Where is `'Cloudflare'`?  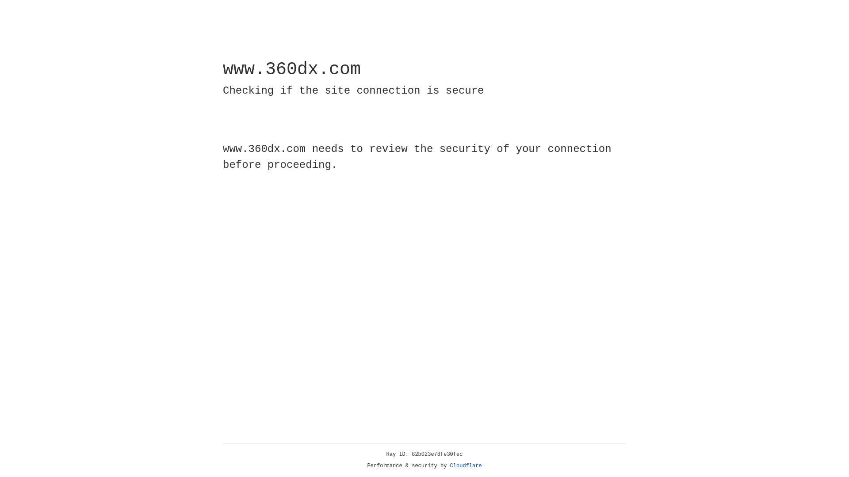
'Cloudflare' is located at coordinates (466, 466).